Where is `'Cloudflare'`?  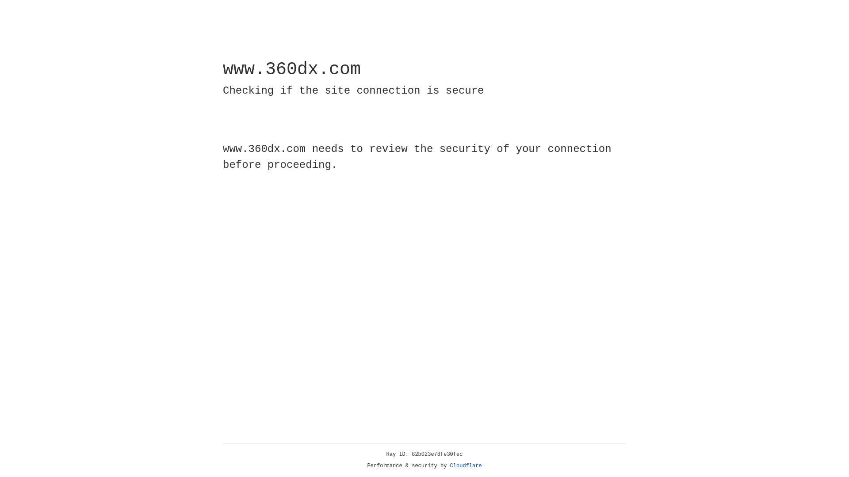
'Cloudflare' is located at coordinates (466, 466).